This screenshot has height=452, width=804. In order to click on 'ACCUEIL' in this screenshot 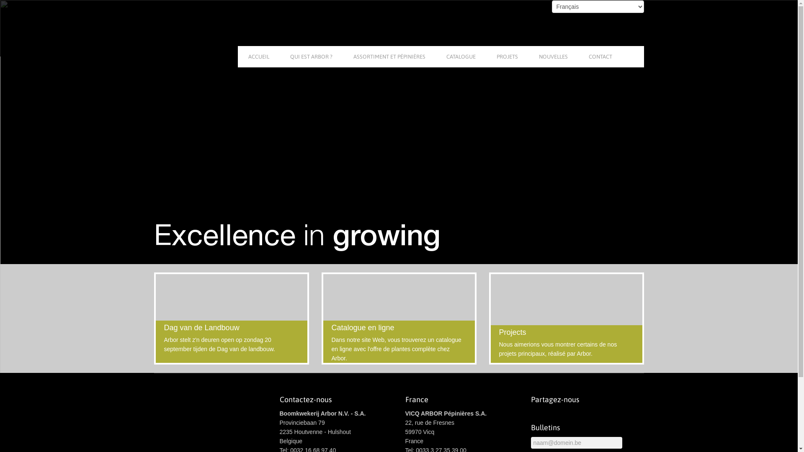, I will do `click(258, 56)`.